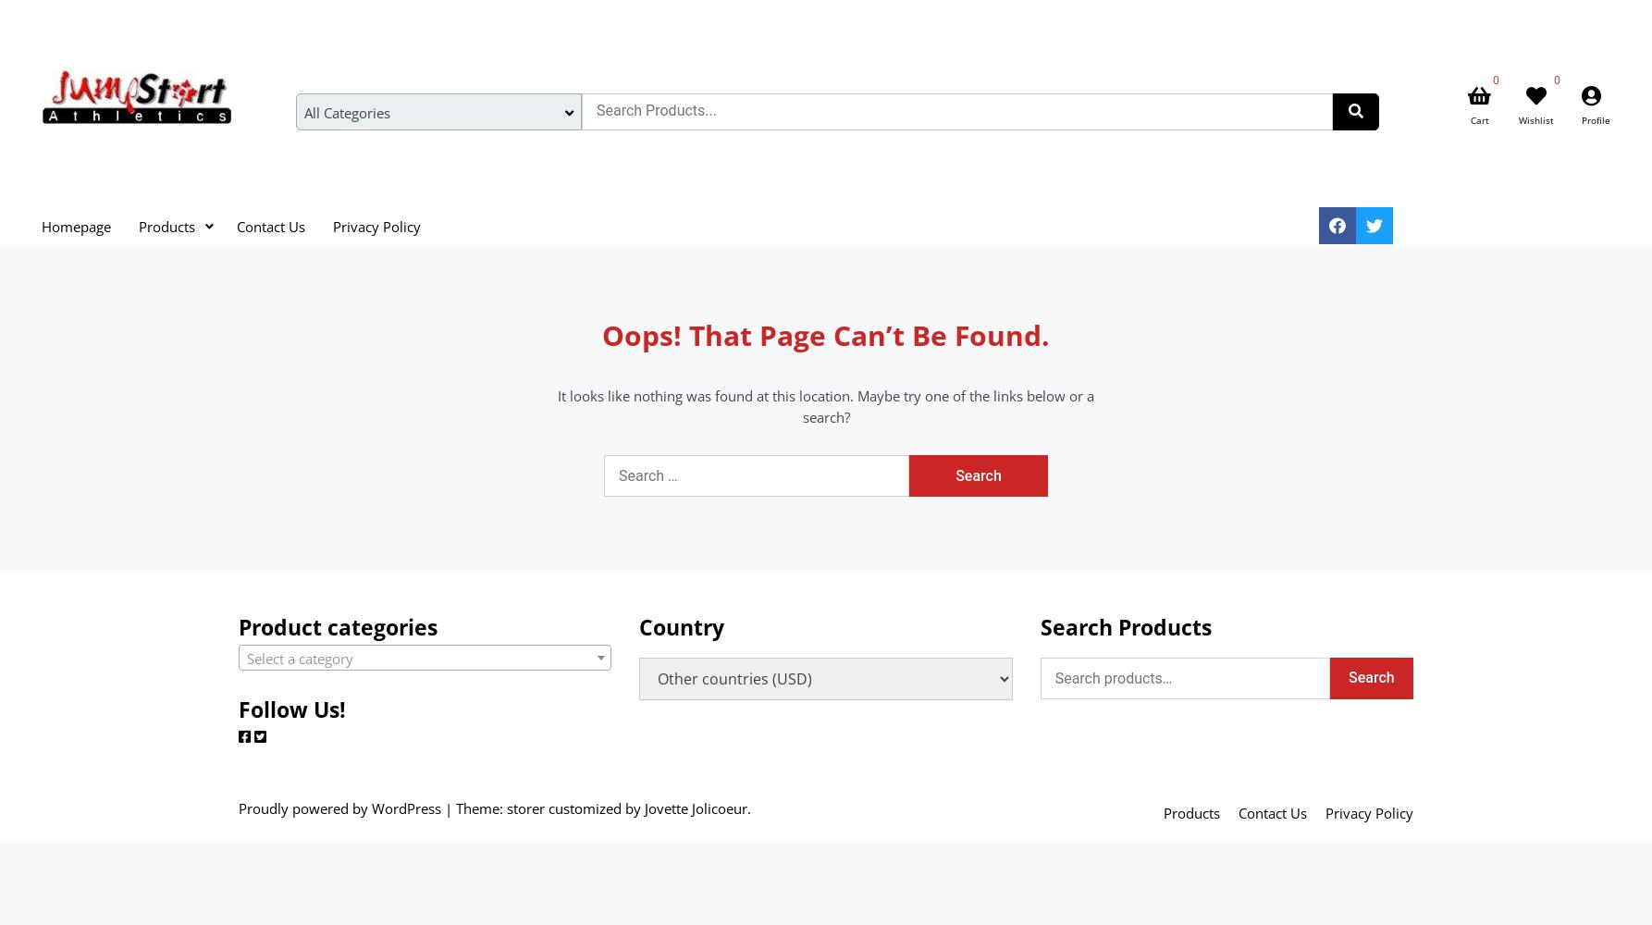  I want to click on 'Country', so click(682, 627).